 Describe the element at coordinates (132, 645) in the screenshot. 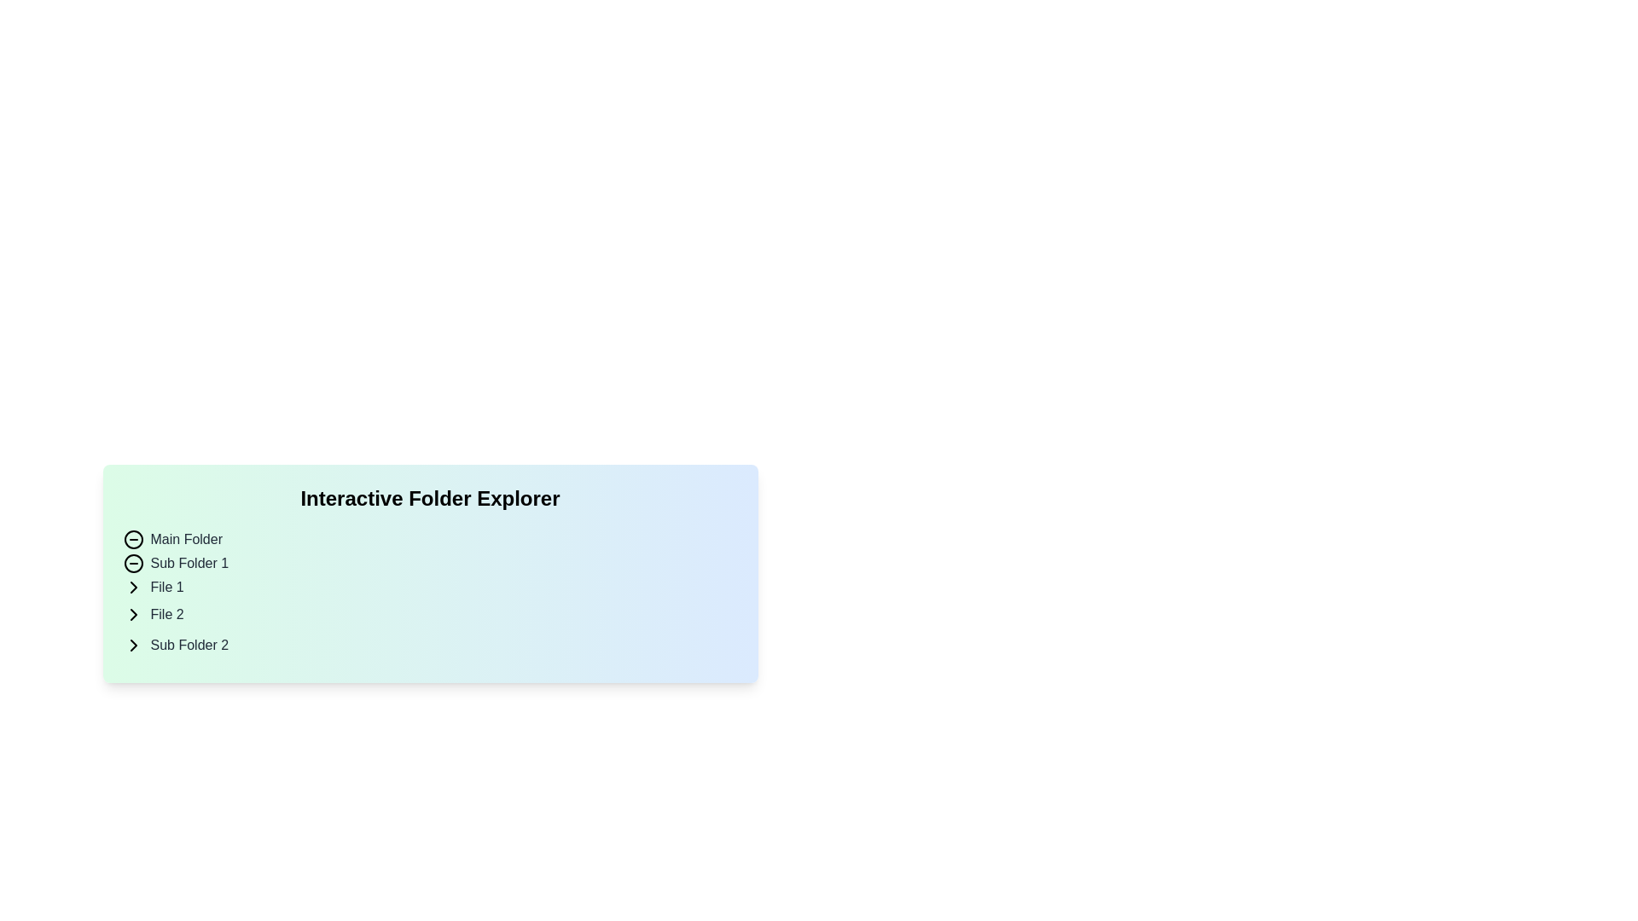

I see `the chevron icon for 'Sub Folder 2' to expand or collapse its contents` at that location.